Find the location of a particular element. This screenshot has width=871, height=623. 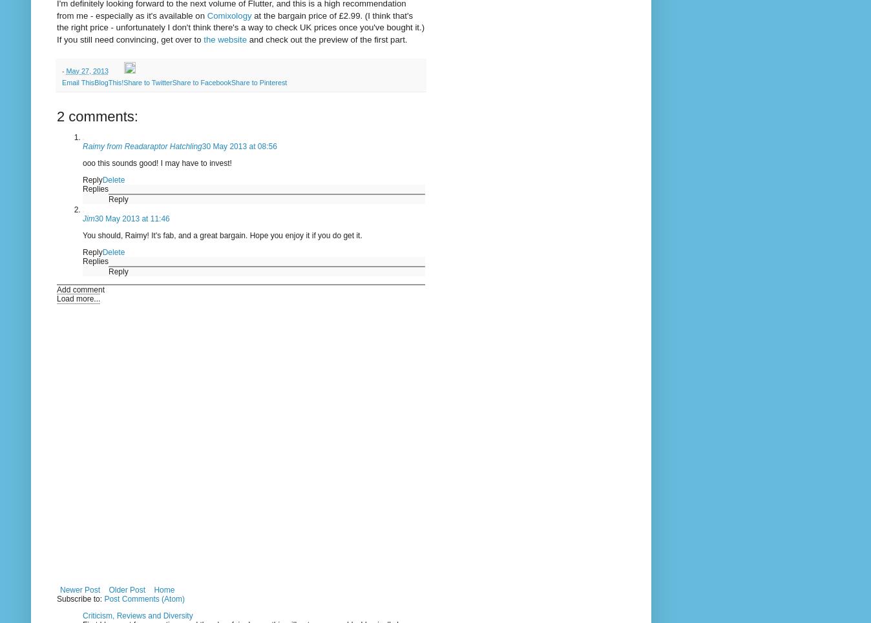

'30 May 2013 at 11:46' is located at coordinates (131, 219).